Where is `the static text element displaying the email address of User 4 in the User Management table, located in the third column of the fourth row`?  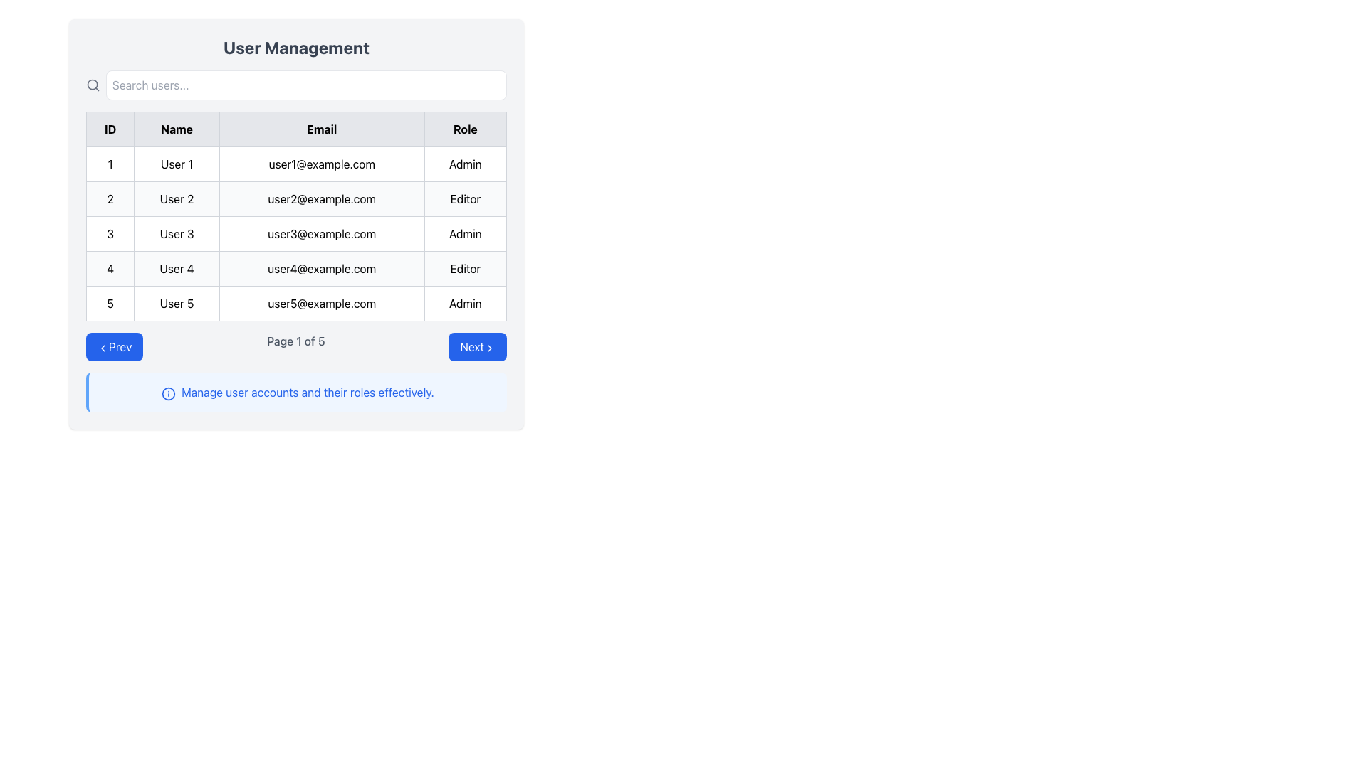
the static text element displaying the email address of User 4 in the User Management table, located in the third column of the fourth row is located at coordinates (321, 269).